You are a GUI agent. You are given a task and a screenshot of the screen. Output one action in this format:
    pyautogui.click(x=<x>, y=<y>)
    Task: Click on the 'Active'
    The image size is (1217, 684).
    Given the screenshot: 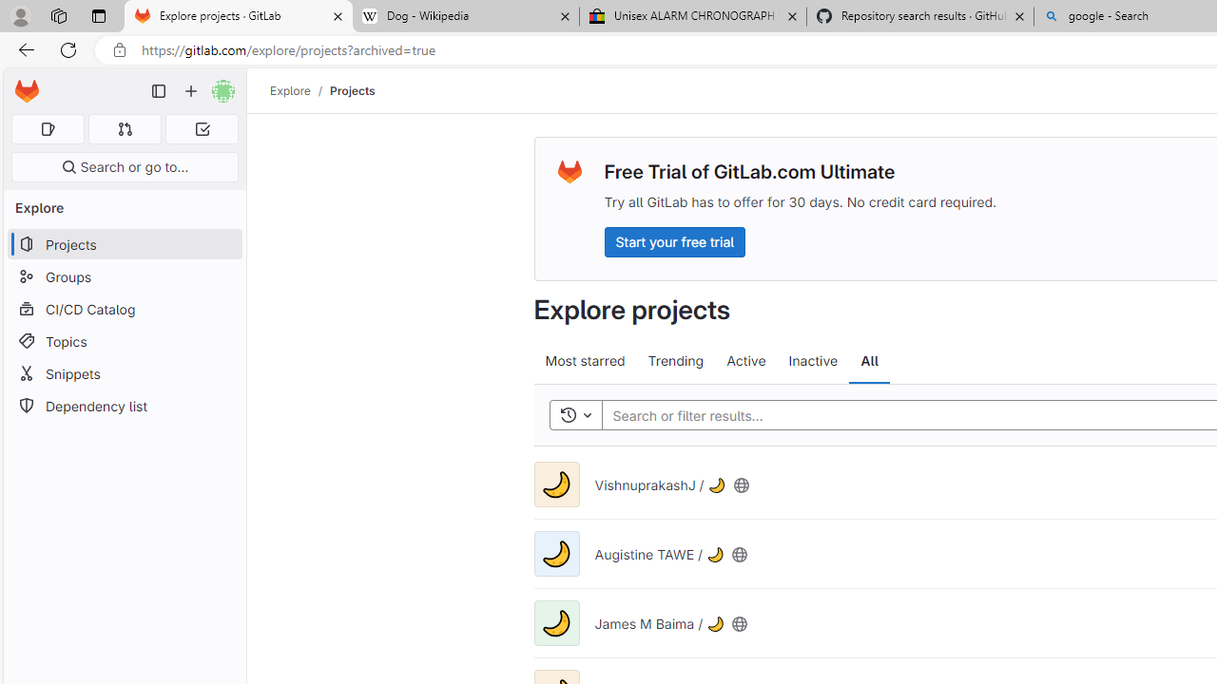 What is the action you would take?
    pyautogui.click(x=745, y=361)
    